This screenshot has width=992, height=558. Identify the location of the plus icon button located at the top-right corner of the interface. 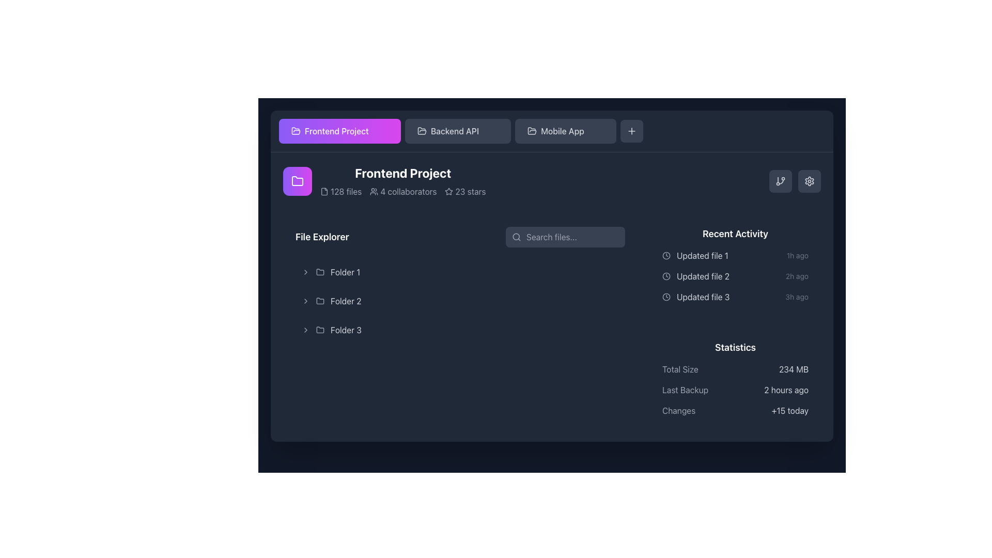
(631, 131).